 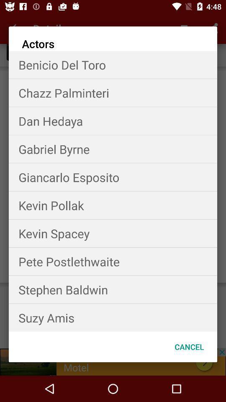 I want to click on item above    dan hedaya icon, so click(x=113, y=93).